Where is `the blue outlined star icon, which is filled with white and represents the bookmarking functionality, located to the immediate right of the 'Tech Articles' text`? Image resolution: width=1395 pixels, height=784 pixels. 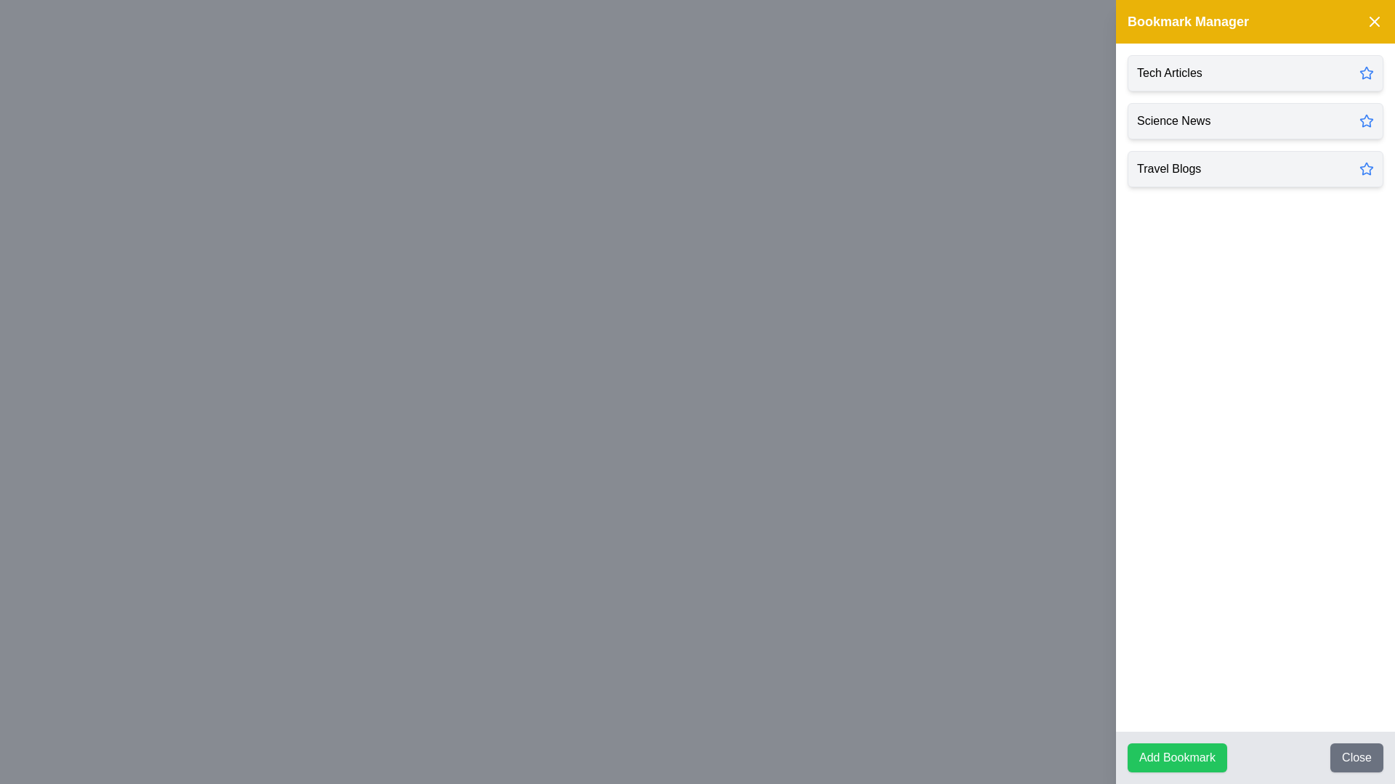 the blue outlined star icon, which is filled with white and represents the bookmarking functionality, located to the immediate right of the 'Tech Articles' text is located at coordinates (1366, 73).